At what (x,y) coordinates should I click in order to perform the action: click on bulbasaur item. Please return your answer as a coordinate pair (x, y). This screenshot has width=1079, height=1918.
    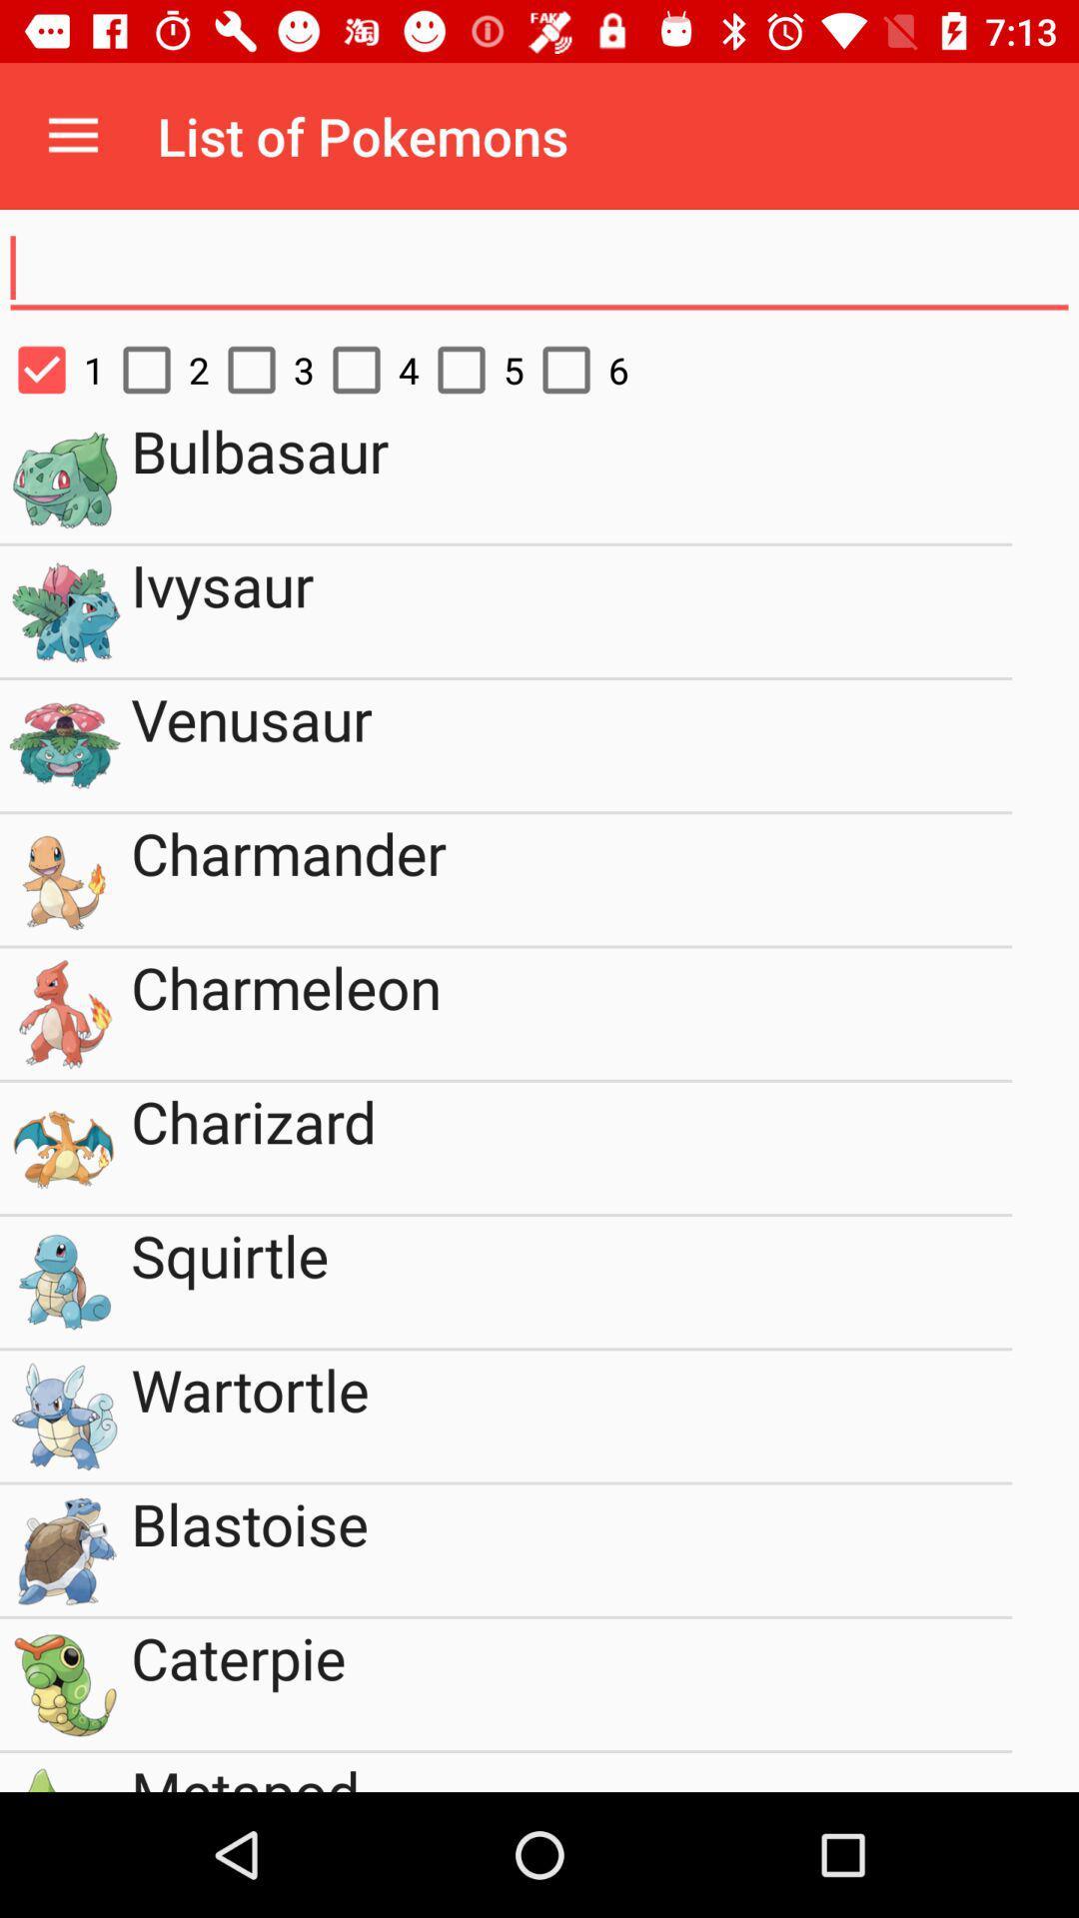
    Looking at the image, I should click on (571, 477).